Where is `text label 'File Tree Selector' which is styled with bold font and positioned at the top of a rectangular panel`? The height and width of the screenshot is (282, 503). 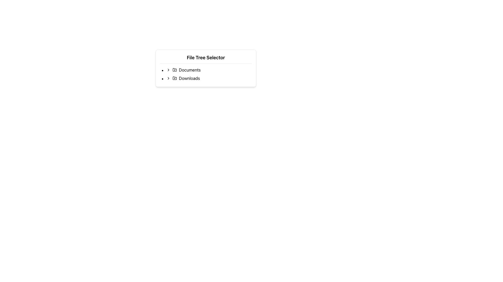
text label 'File Tree Selector' which is styled with bold font and positioned at the top of a rectangular panel is located at coordinates (206, 57).